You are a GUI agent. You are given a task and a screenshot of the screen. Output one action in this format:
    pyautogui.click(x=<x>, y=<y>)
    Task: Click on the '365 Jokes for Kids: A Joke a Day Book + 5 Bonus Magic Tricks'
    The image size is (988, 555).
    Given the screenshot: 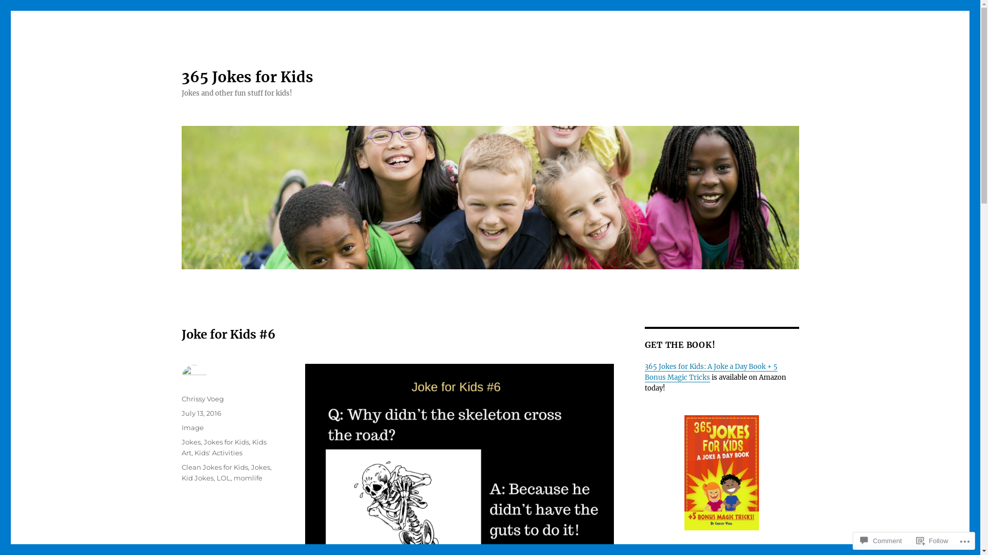 What is the action you would take?
    pyautogui.click(x=710, y=372)
    